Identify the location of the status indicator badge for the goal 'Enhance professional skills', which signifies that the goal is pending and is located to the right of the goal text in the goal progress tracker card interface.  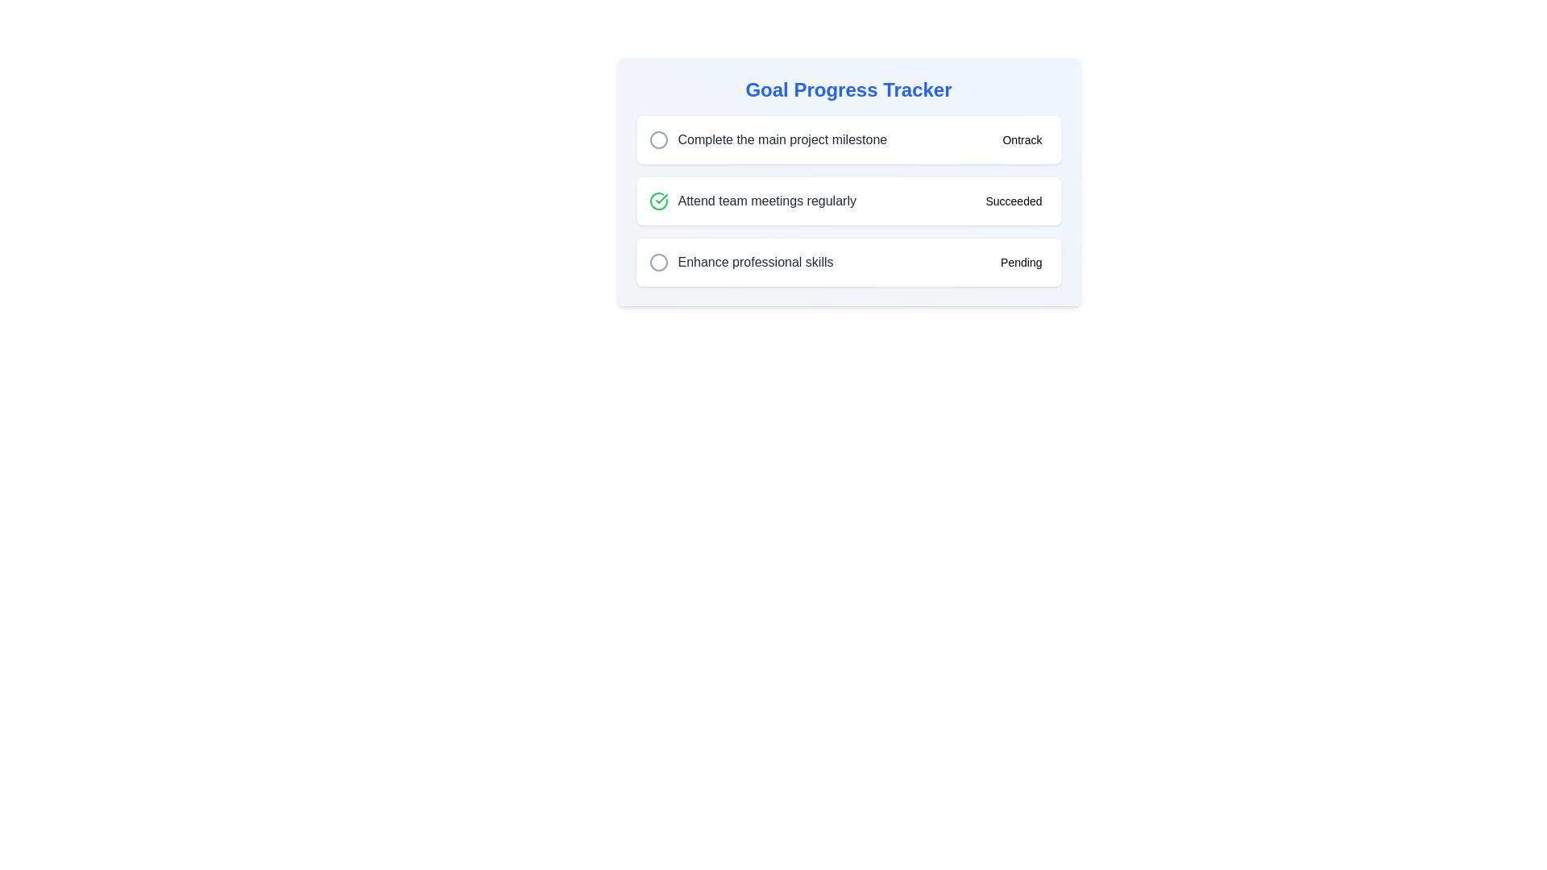
(1020, 262).